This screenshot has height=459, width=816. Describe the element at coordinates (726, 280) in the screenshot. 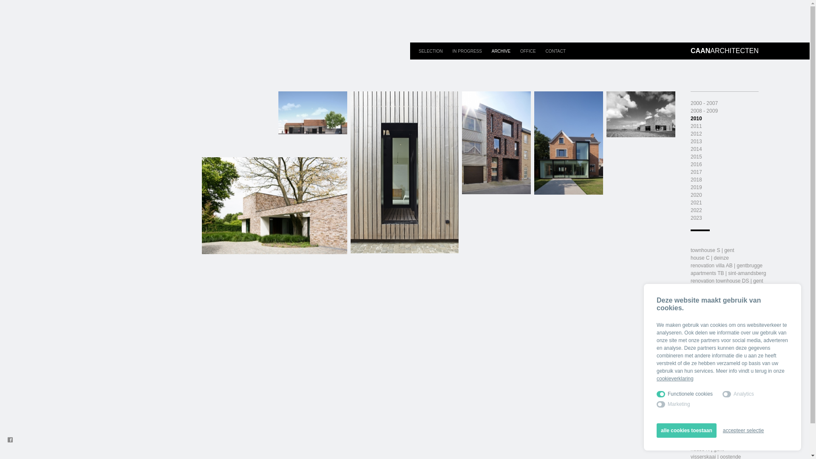

I see `'renovation townhouse DS | gent'` at that location.